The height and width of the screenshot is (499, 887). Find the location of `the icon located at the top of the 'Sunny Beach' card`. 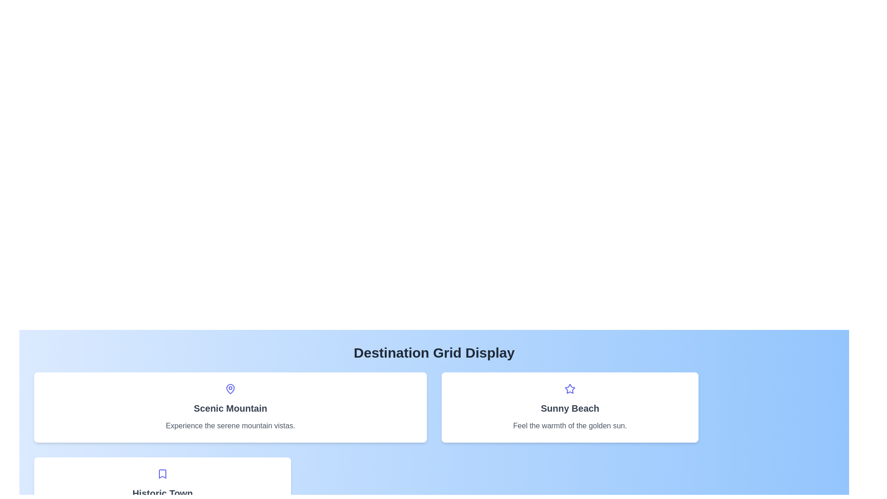

the icon located at the top of the 'Sunny Beach' card is located at coordinates (569, 389).